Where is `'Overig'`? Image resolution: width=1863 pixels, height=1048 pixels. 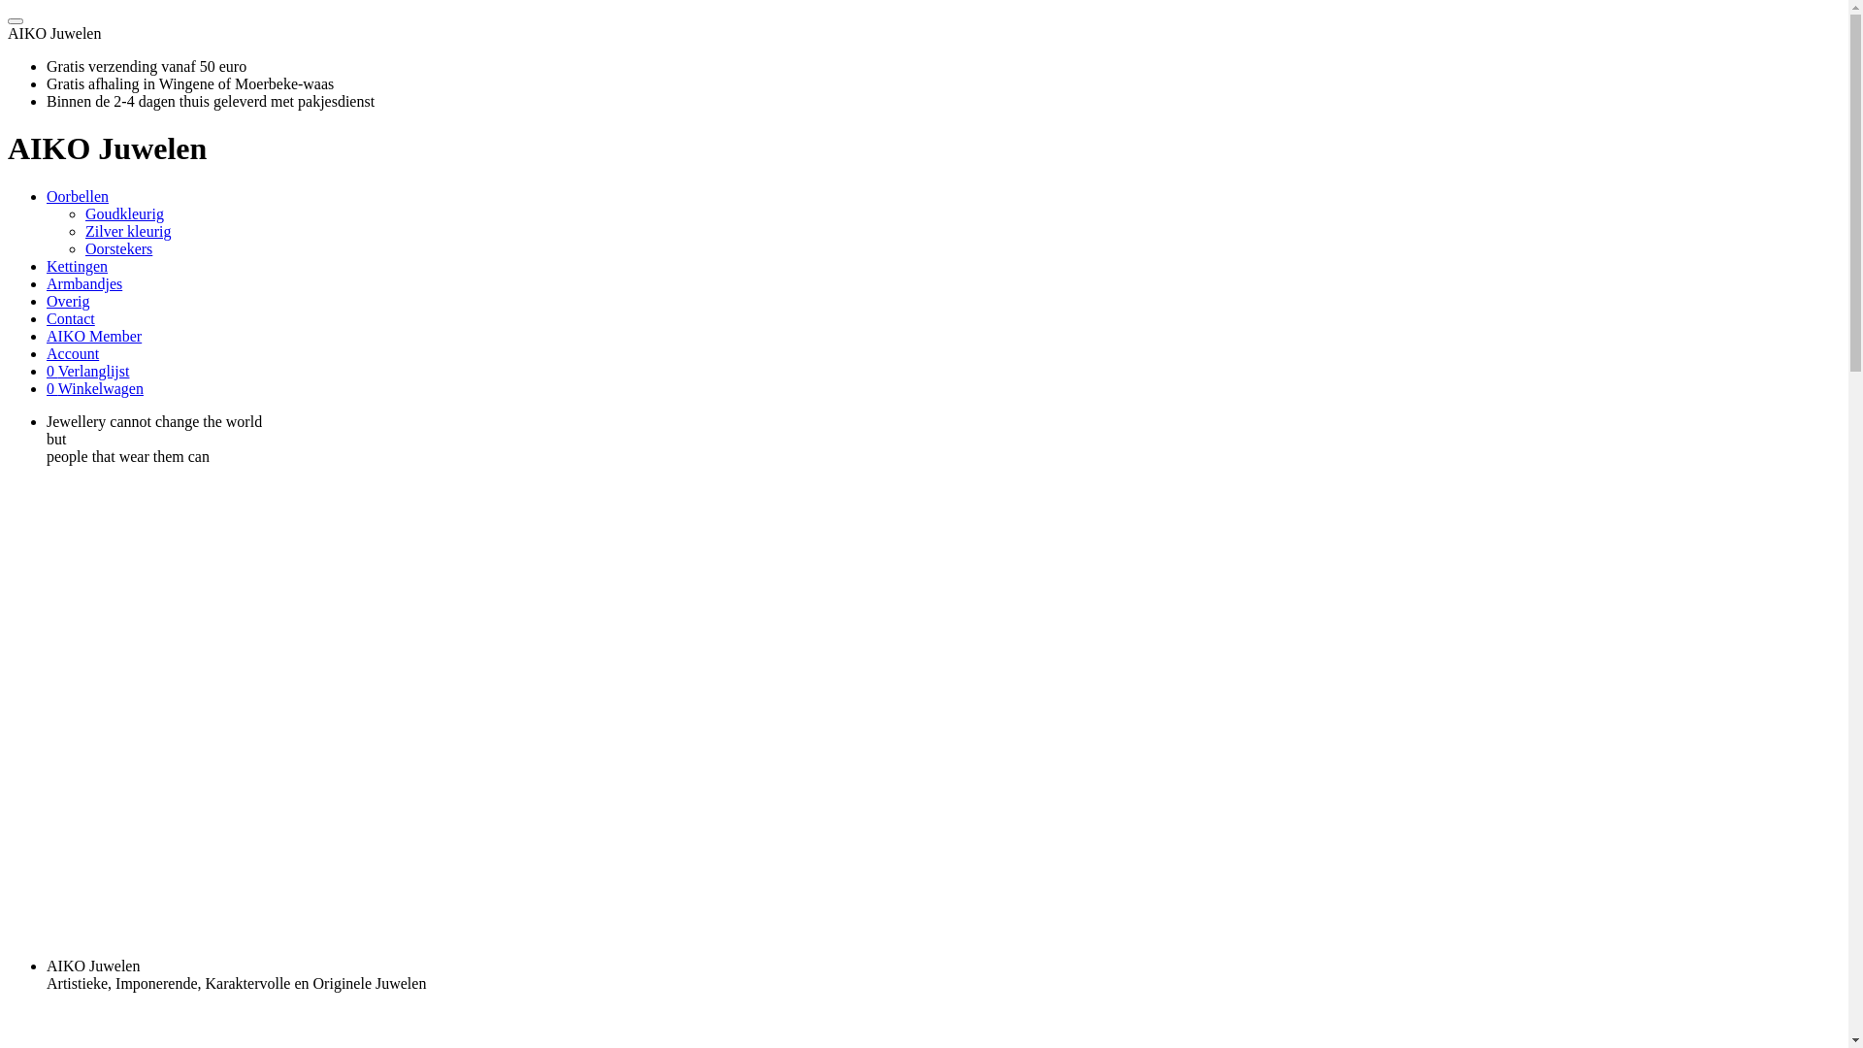 'Overig' is located at coordinates (68, 301).